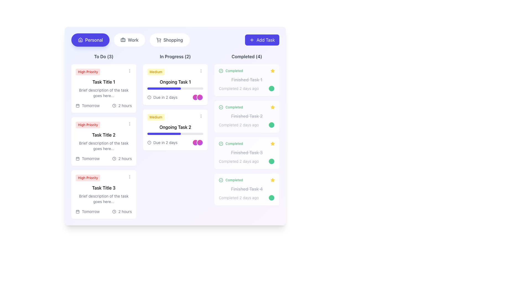 The width and height of the screenshot is (531, 298). Describe the element at coordinates (272, 161) in the screenshot. I see `the circular green status indicator located in the 'Completed' section, adjacent to the text 'Completed 2 days ago'` at that location.